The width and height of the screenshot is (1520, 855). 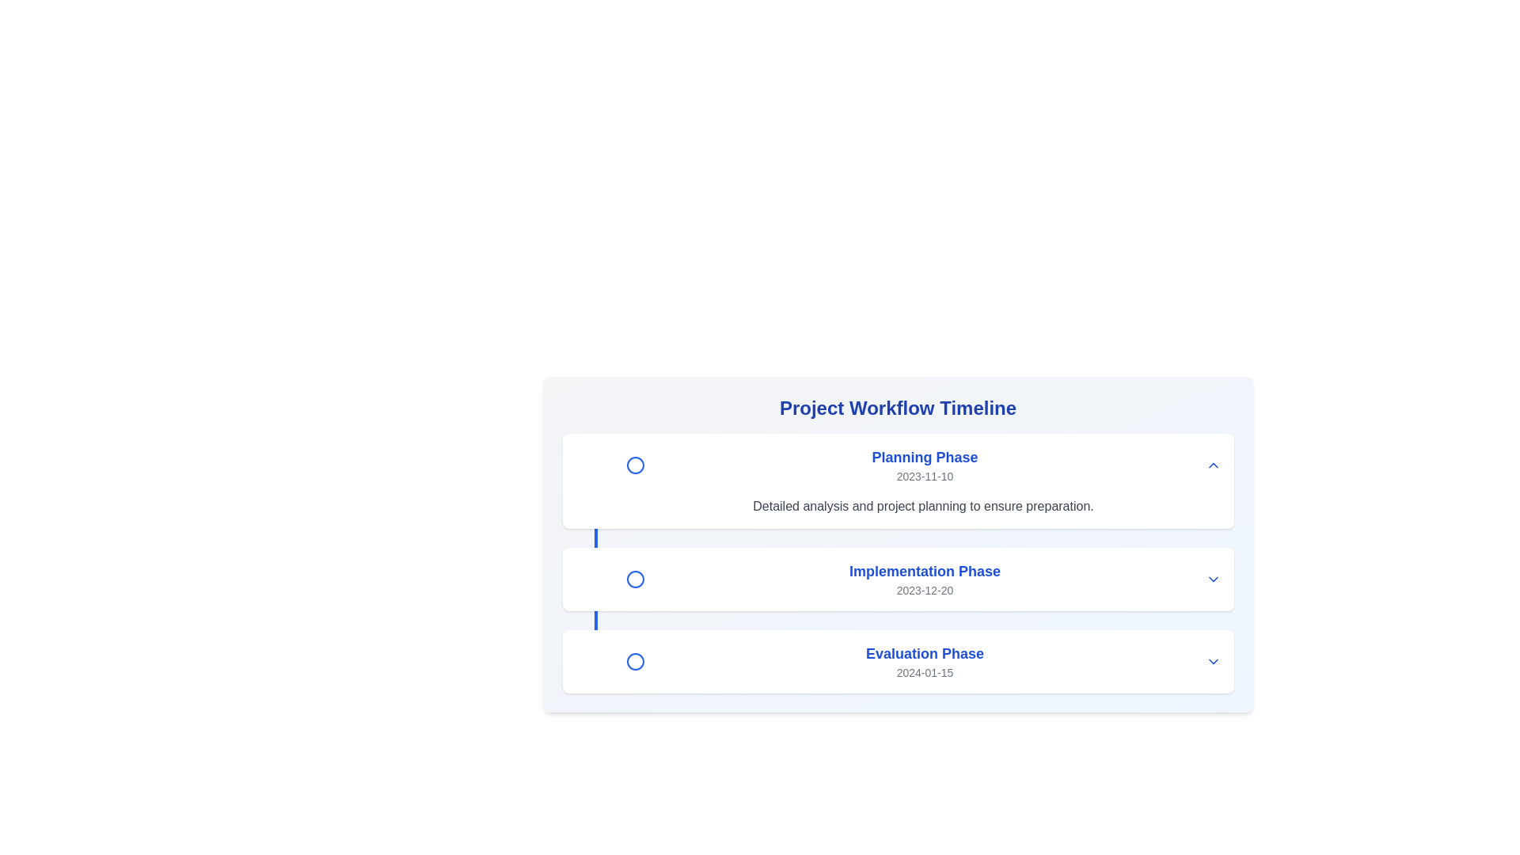 What do you see at coordinates (635, 579) in the screenshot?
I see `the visual indicator icon that denotes a step in a process, positioned to the left of the 'Implementation Phase' text` at bounding box center [635, 579].